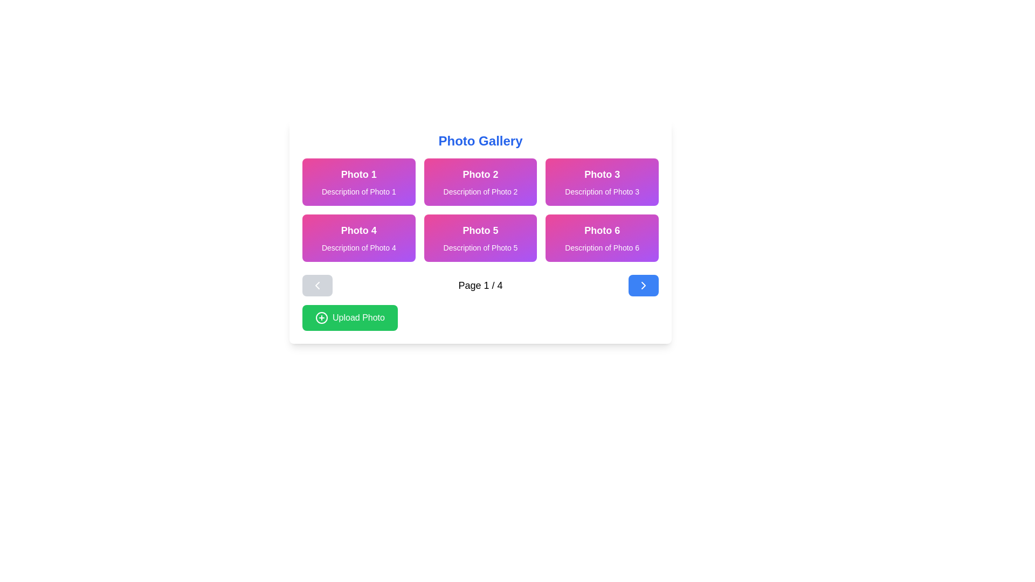  What do you see at coordinates (358, 174) in the screenshot?
I see `the heading text label located at the top of the first photo card in the photo gallery` at bounding box center [358, 174].